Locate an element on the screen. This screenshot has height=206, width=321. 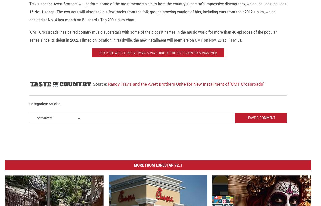
'Randy Travis and the Avett Brothers Unite for New Installment of ‘CMT Crossroads’' is located at coordinates (186, 88).